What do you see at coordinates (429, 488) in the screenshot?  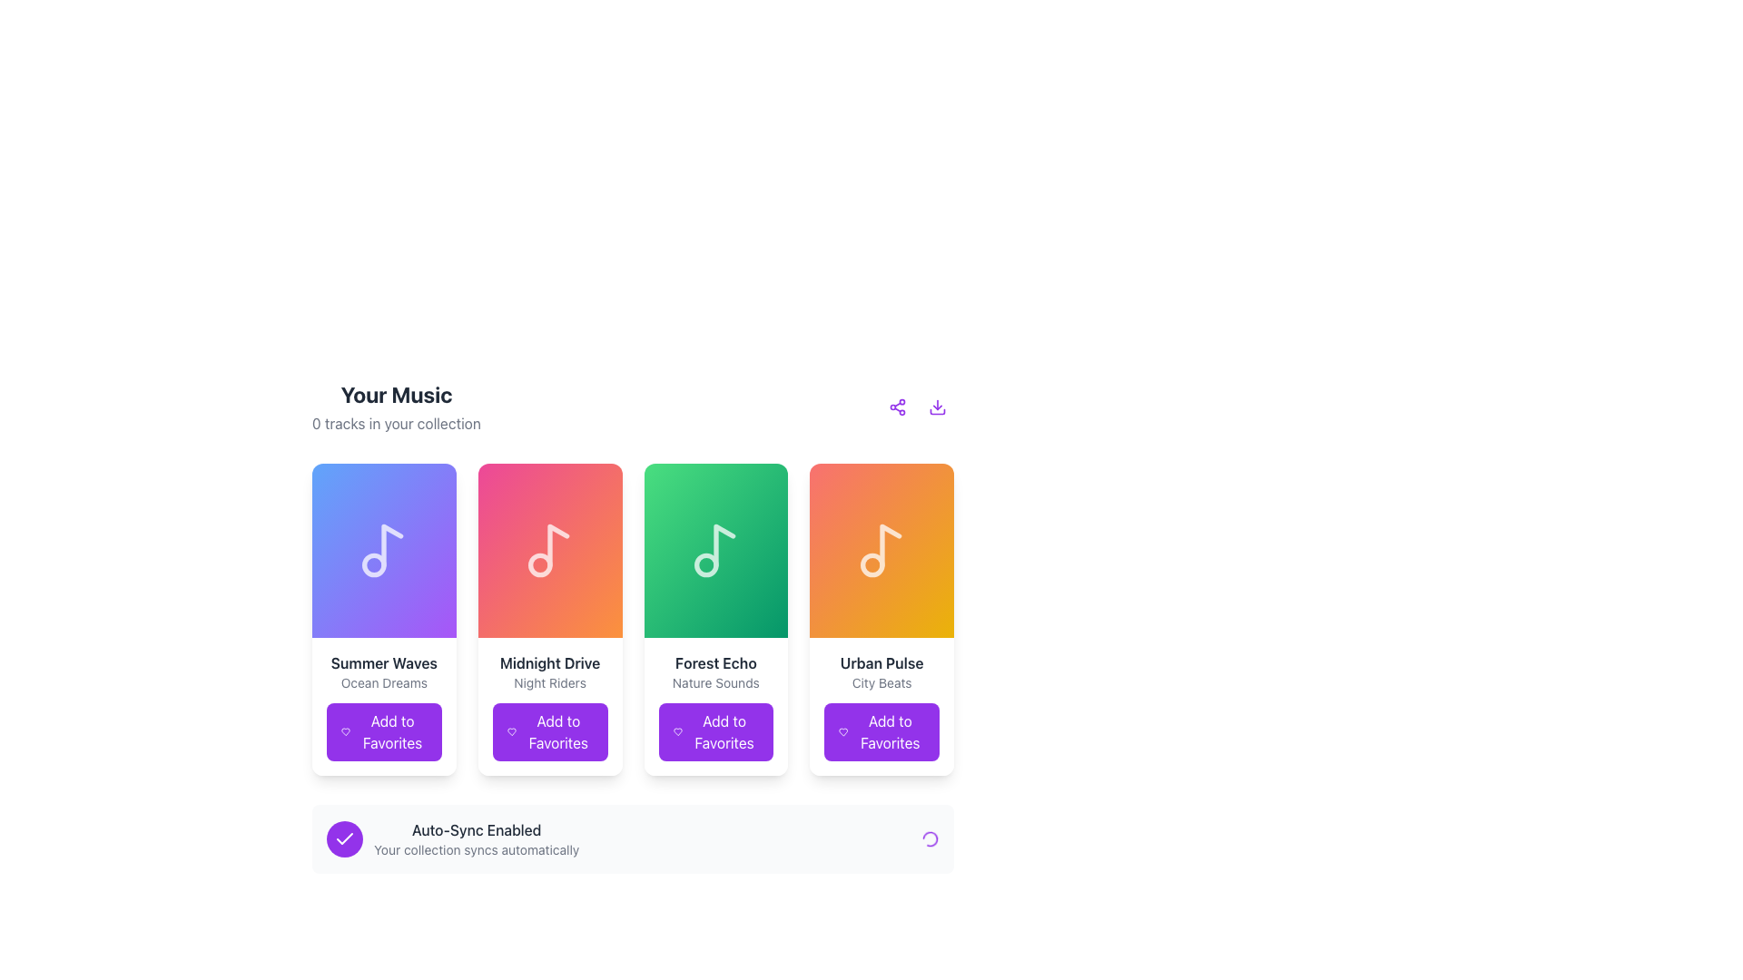 I see `the close action button located in the top-right corner of the 'Summer Waves' card` at bounding box center [429, 488].